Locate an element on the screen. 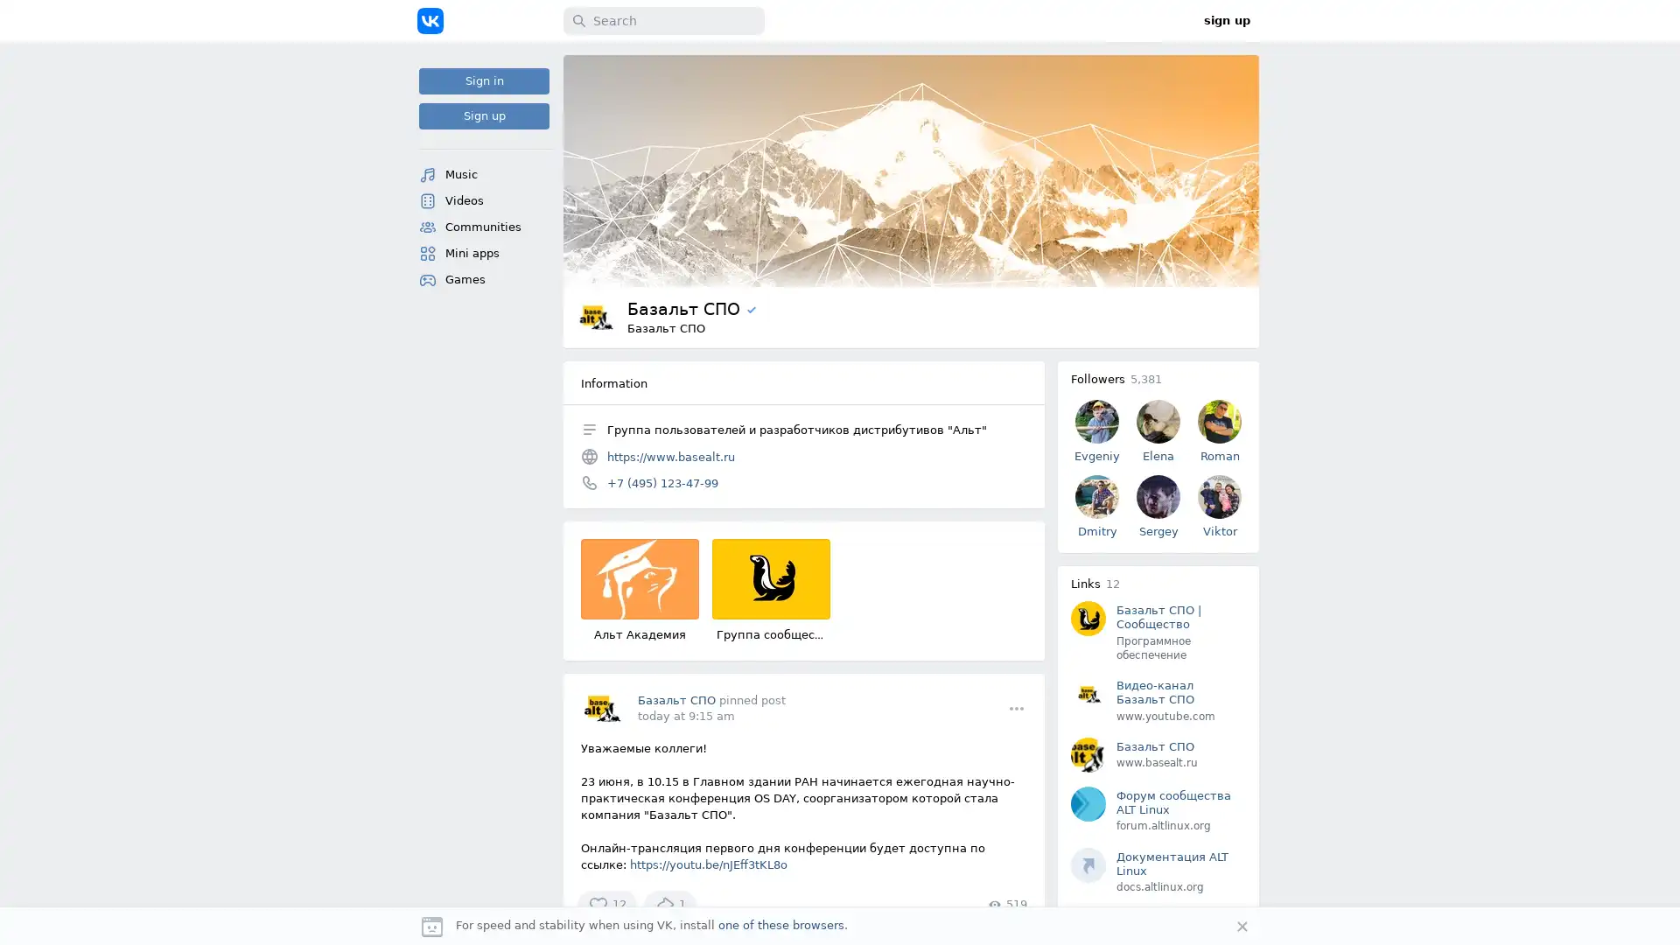  Close is located at coordinates (1242, 926).